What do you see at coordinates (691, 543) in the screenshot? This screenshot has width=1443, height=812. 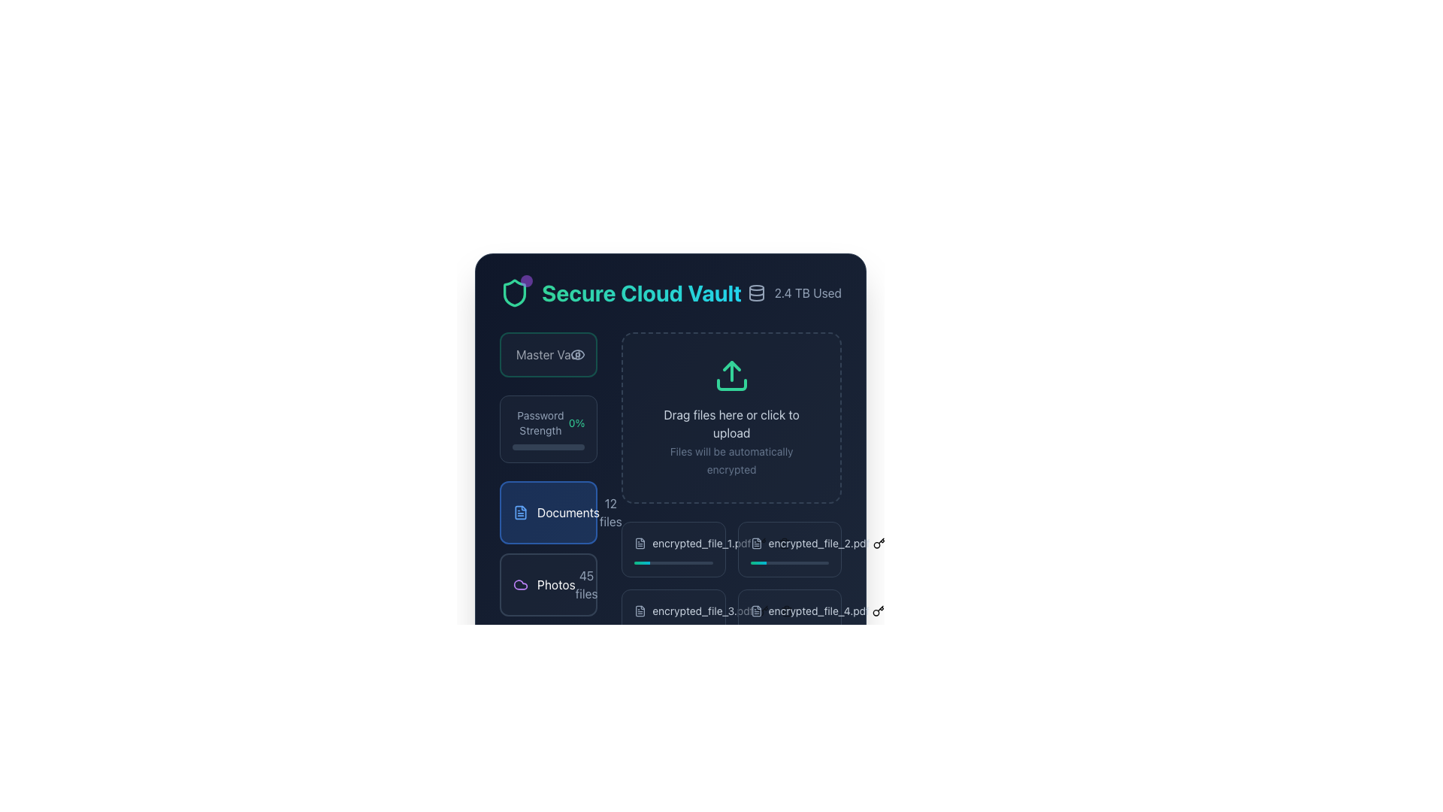 I see `the first file entry in the Documents section` at bounding box center [691, 543].